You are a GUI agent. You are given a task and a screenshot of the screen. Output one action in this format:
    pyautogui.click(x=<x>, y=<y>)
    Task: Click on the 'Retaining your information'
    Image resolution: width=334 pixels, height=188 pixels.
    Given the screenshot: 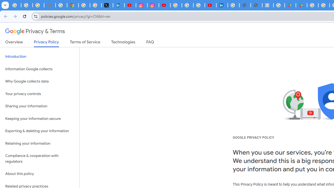 What is the action you would take?
    pyautogui.click(x=39, y=143)
    